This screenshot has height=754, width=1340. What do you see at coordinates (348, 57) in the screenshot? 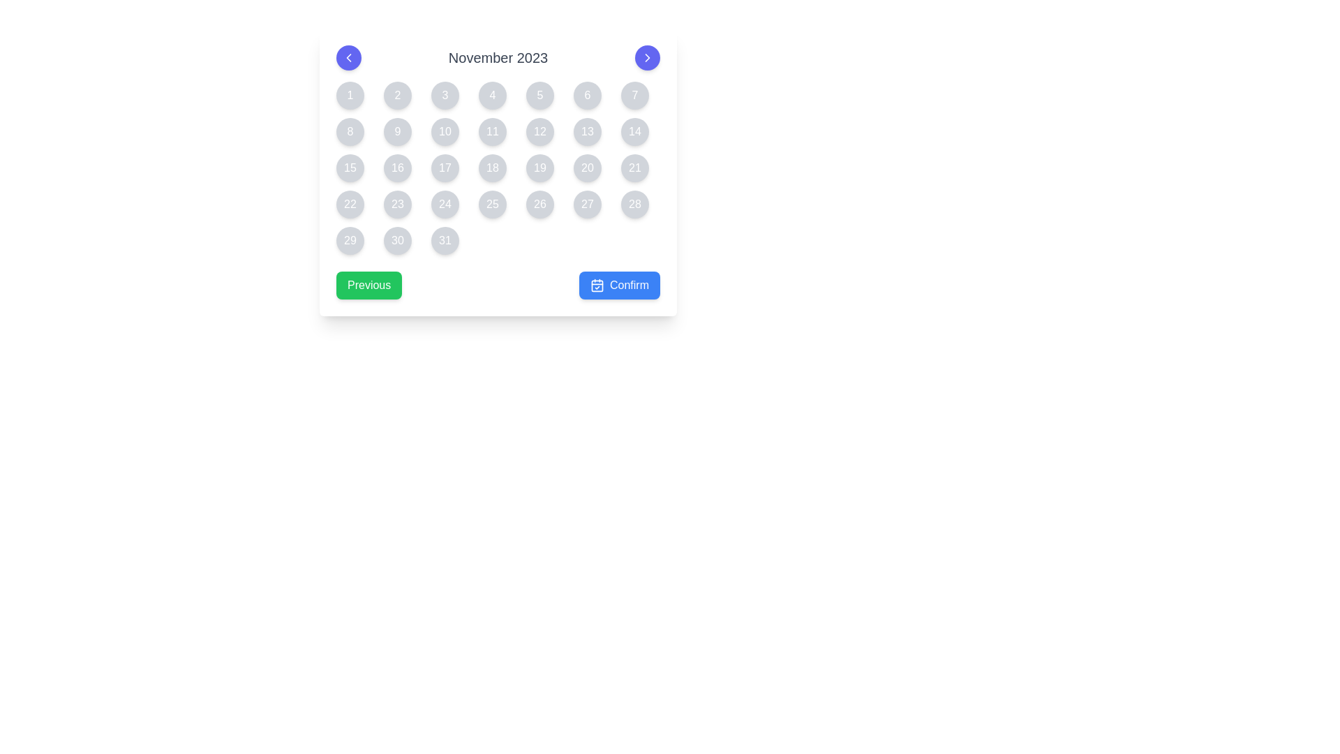
I see `the 'Previous' navigation button icon located in the top-left area of the calendar interface` at bounding box center [348, 57].